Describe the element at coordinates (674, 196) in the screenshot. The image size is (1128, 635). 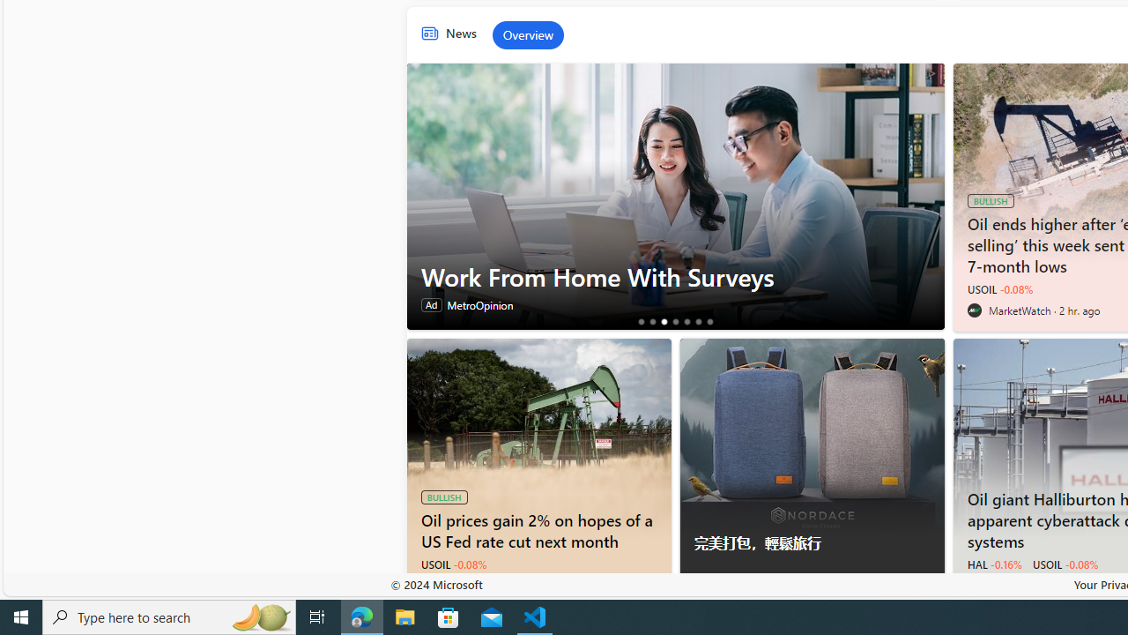
I see `'Work From Home With Surveys'` at that location.